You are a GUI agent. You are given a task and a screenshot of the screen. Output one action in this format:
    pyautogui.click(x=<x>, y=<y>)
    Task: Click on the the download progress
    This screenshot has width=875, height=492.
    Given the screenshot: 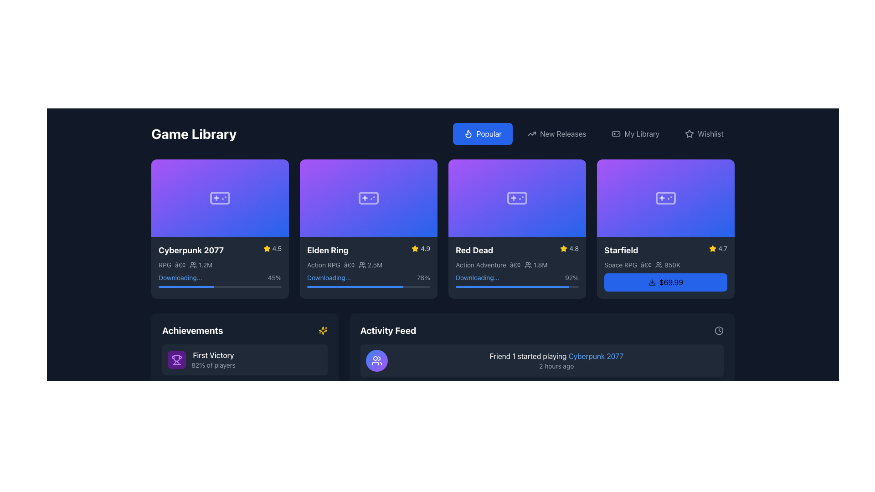 What is the action you would take?
    pyautogui.click(x=475, y=286)
    